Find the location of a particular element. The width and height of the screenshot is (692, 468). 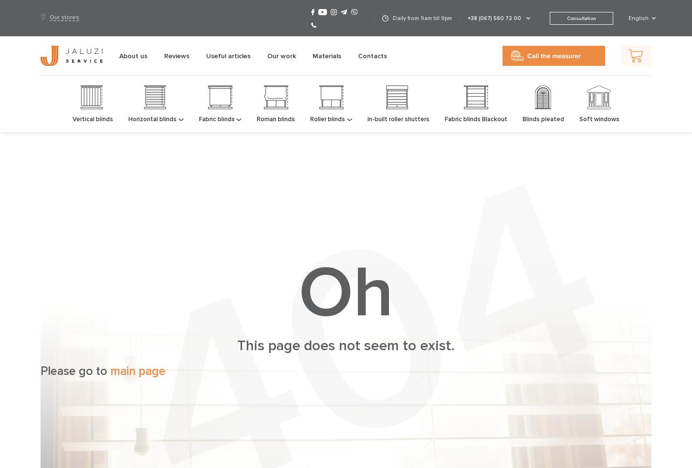

'Our work' is located at coordinates (282, 55).